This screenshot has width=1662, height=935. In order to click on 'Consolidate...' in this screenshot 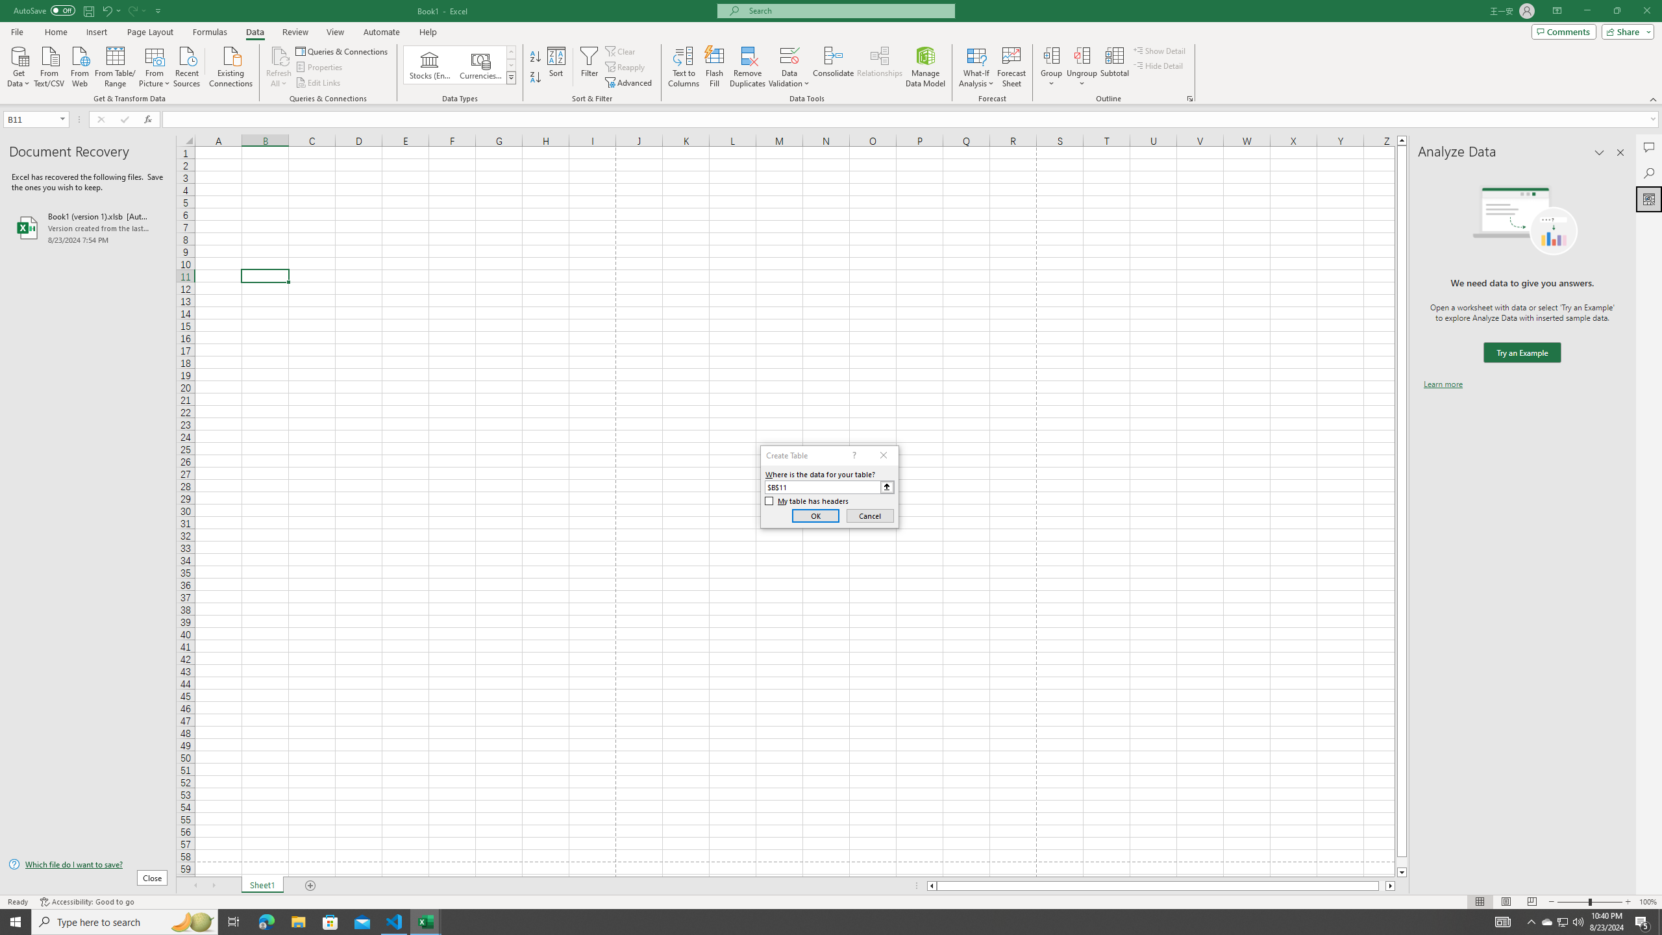, I will do `click(833, 67)`.